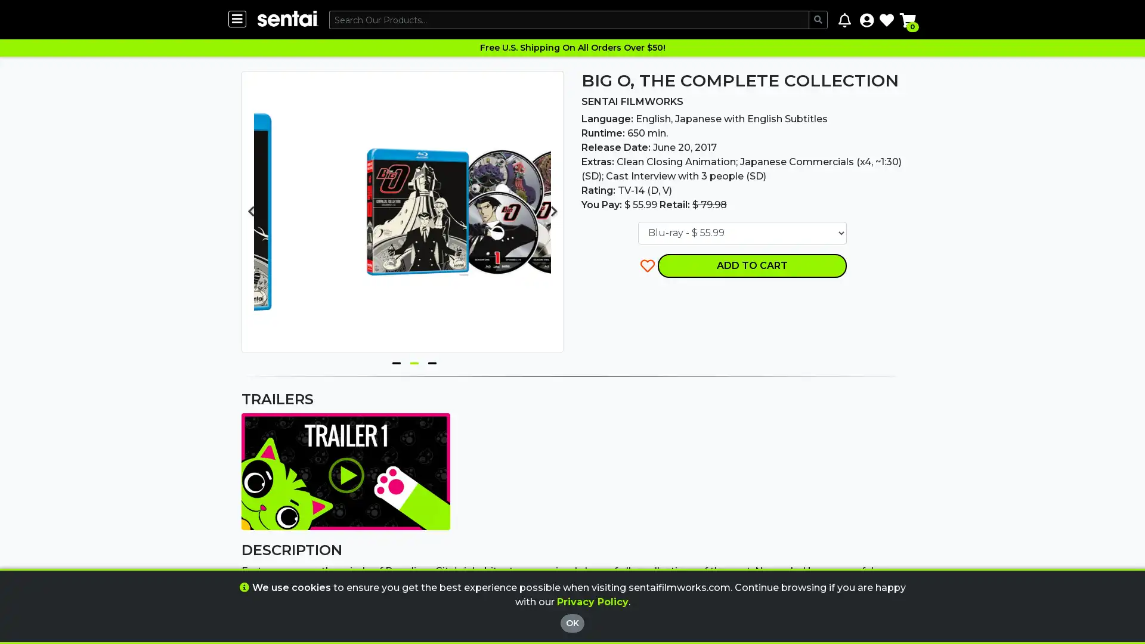 This screenshot has height=644, width=1145. Describe the element at coordinates (751, 264) in the screenshot. I see `ADD TO CART` at that location.